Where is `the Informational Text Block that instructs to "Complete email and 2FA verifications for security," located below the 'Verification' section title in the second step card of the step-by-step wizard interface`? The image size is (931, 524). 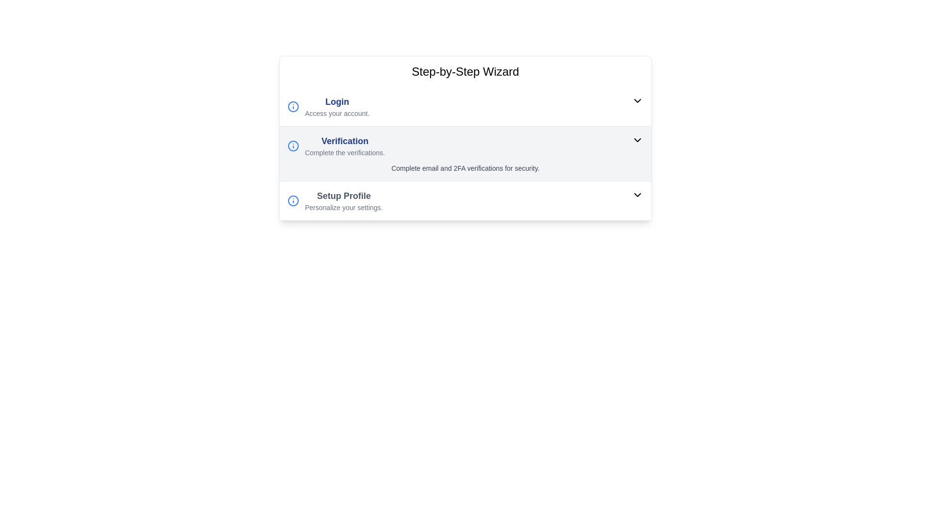 the Informational Text Block that instructs to "Complete email and 2FA verifications for security," located below the 'Verification' section title in the second step card of the step-by-step wizard interface is located at coordinates (465, 168).